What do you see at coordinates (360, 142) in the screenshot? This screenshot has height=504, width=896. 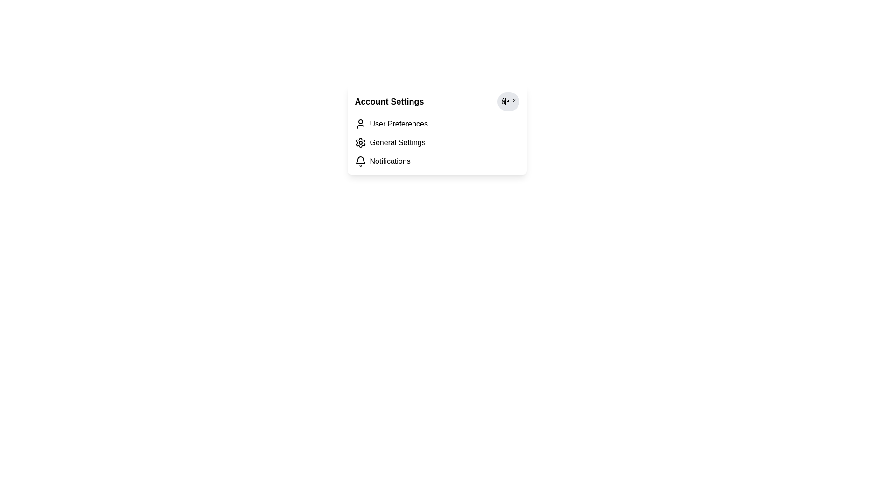 I see `the gear or cog icon in the settings menu, located to the left of 'General Settings'` at bounding box center [360, 142].